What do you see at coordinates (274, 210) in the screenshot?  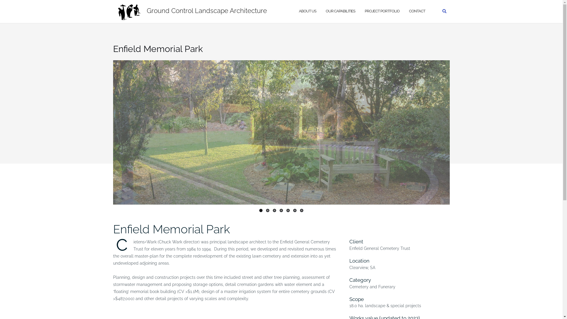 I see `'3'` at bounding box center [274, 210].